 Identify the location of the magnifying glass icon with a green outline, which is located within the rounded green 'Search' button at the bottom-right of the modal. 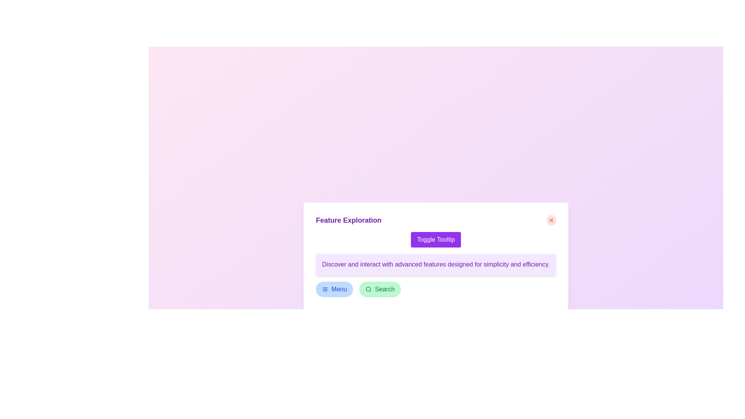
(368, 289).